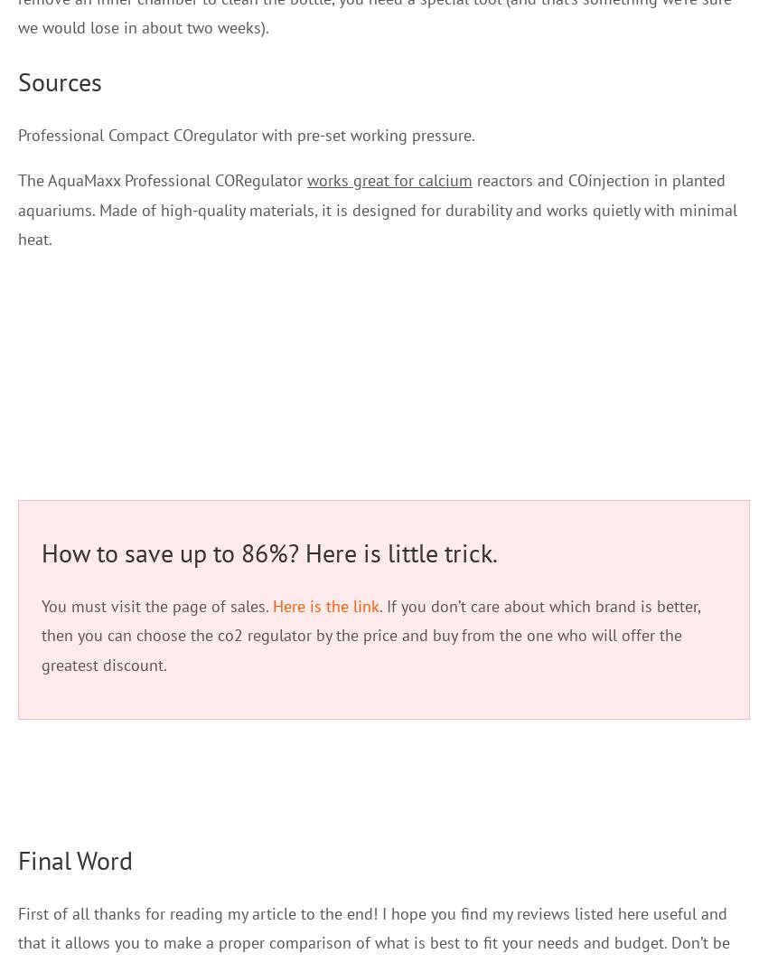 Image resolution: width=768 pixels, height=963 pixels. I want to click on 'Final Word', so click(75, 859).